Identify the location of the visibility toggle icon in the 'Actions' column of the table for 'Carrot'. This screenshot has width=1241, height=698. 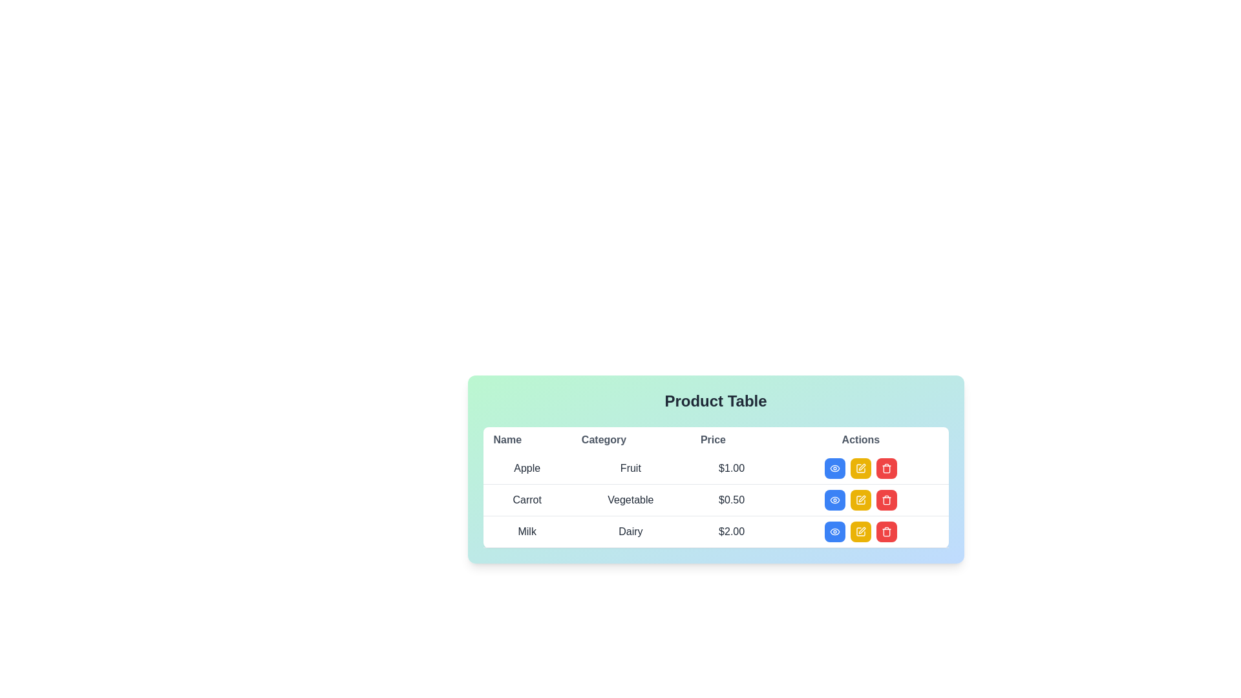
(834, 500).